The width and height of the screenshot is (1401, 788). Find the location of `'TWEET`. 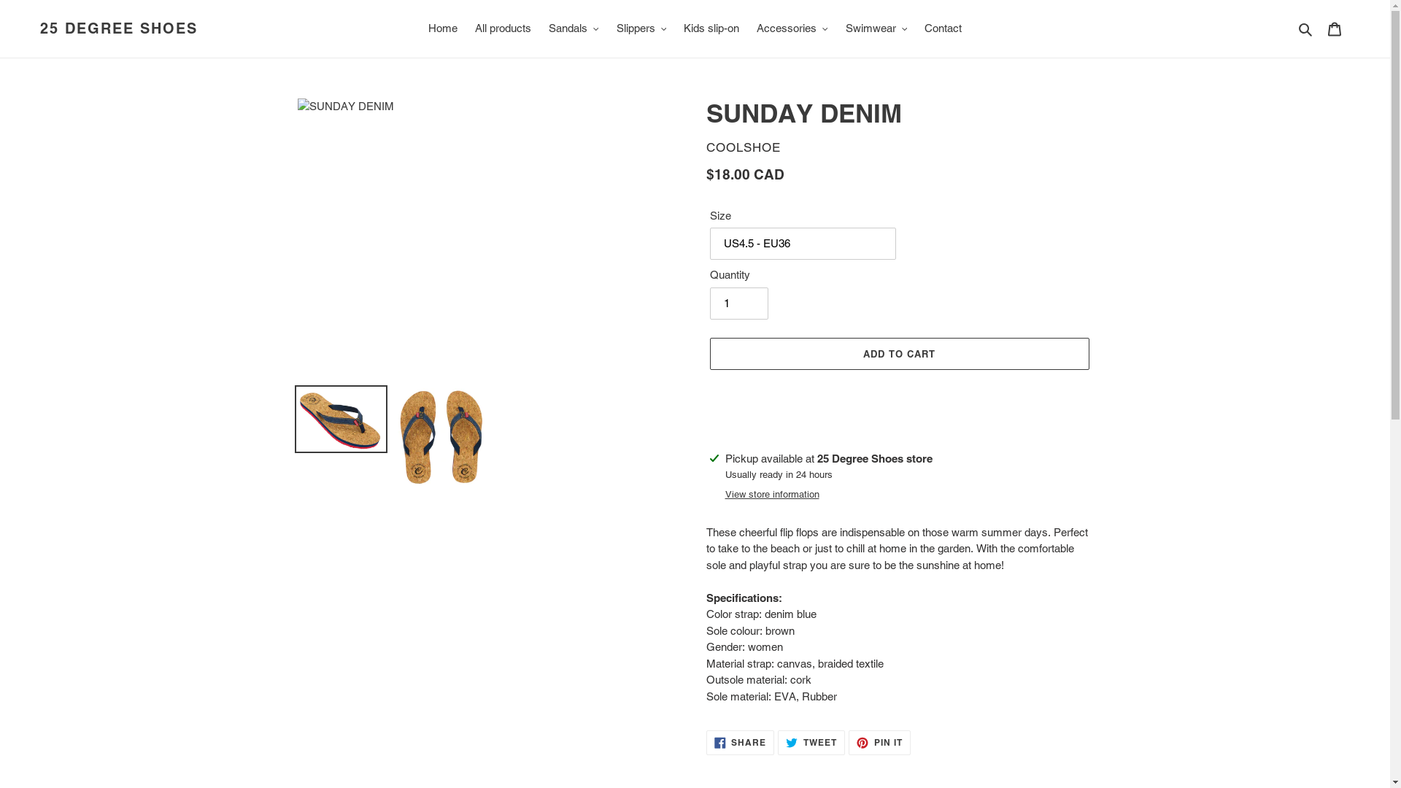

'TWEET is located at coordinates (811, 743).